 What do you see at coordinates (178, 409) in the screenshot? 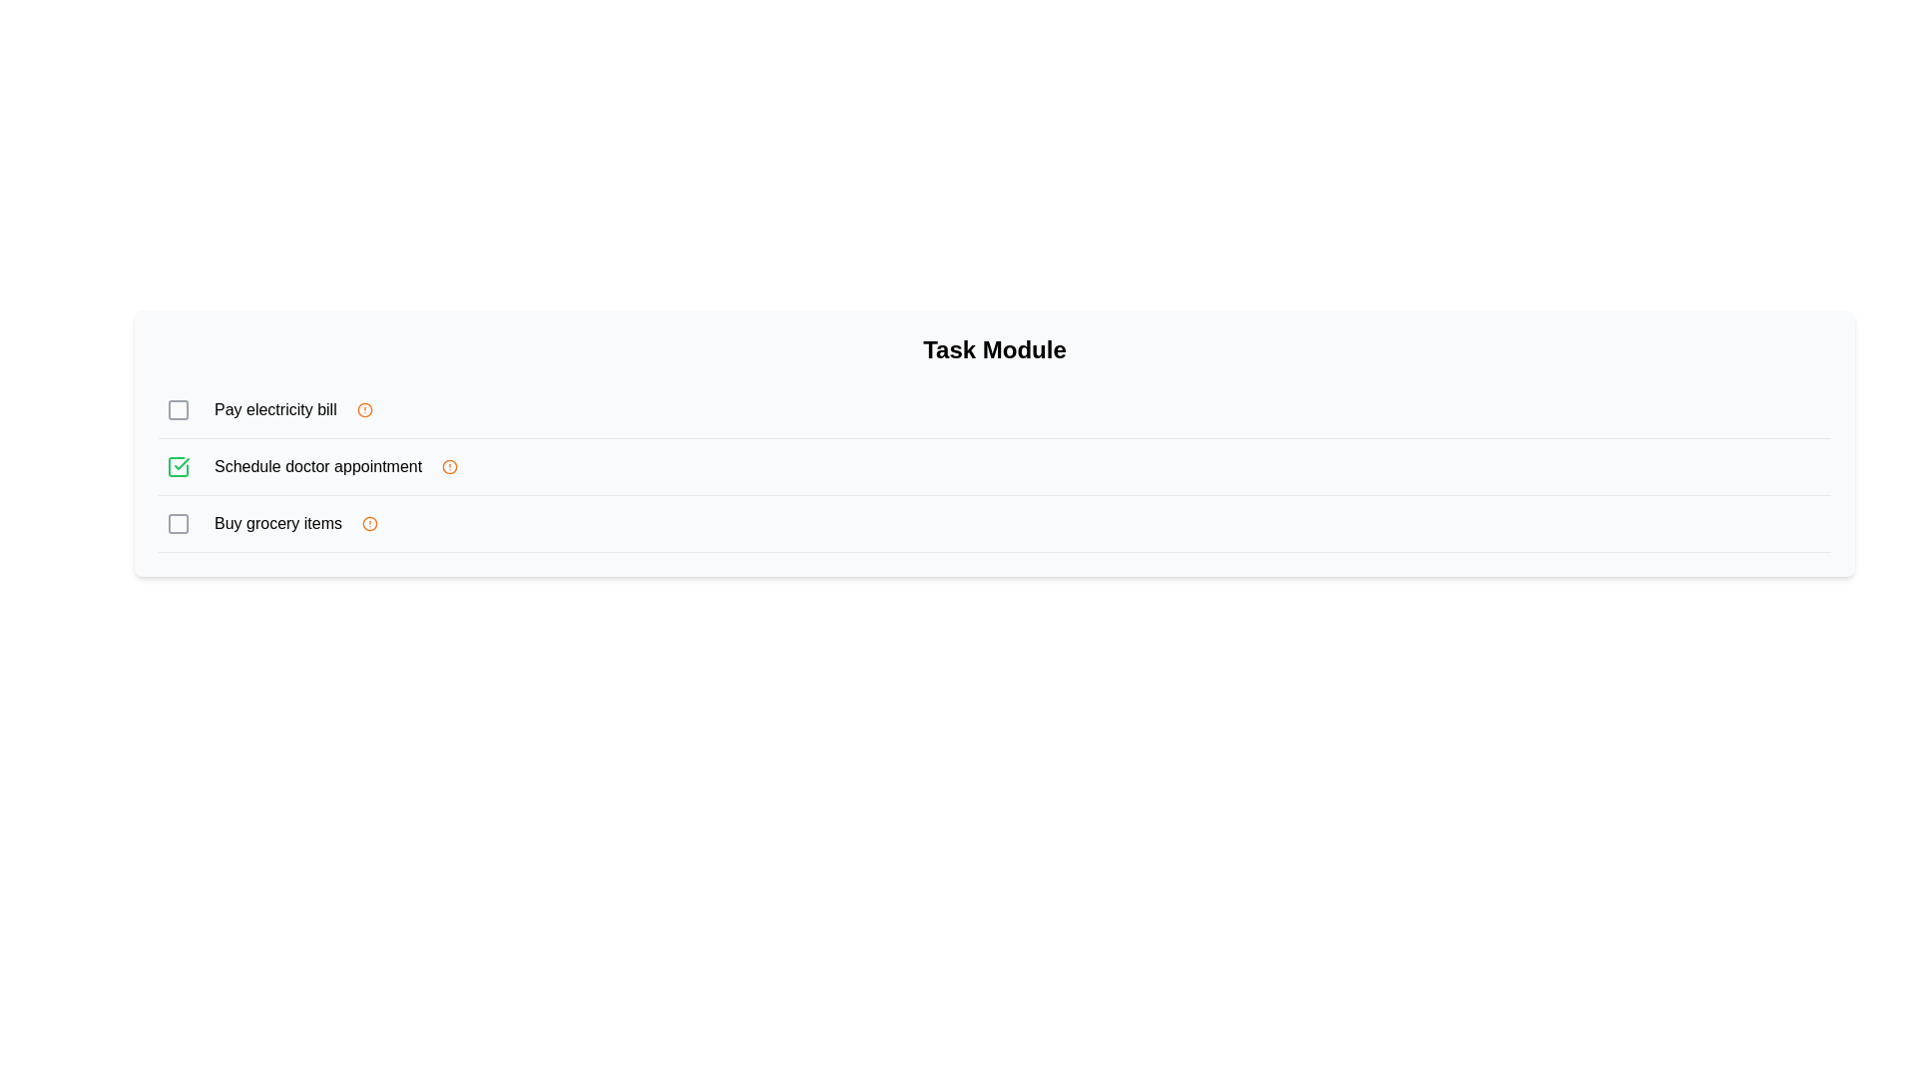
I see `the actionable status icon for 'Pay electricity bill', which is located at the top left of the first row in the list of tasks` at bounding box center [178, 409].